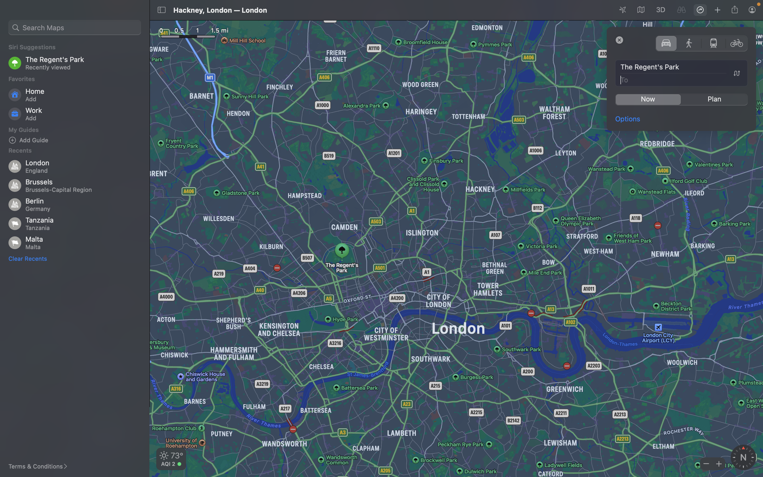 The height and width of the screenshot is (477, 763). Describe the element at coordinates (737, 43) in the screenshot. I see `Alter mode of transportation to bike` at that location.